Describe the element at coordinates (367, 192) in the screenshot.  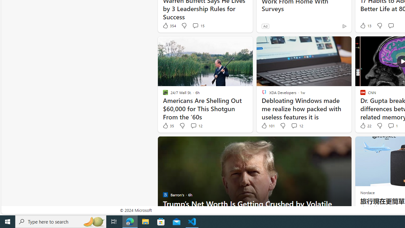
I see `'Nordace'` at that location.